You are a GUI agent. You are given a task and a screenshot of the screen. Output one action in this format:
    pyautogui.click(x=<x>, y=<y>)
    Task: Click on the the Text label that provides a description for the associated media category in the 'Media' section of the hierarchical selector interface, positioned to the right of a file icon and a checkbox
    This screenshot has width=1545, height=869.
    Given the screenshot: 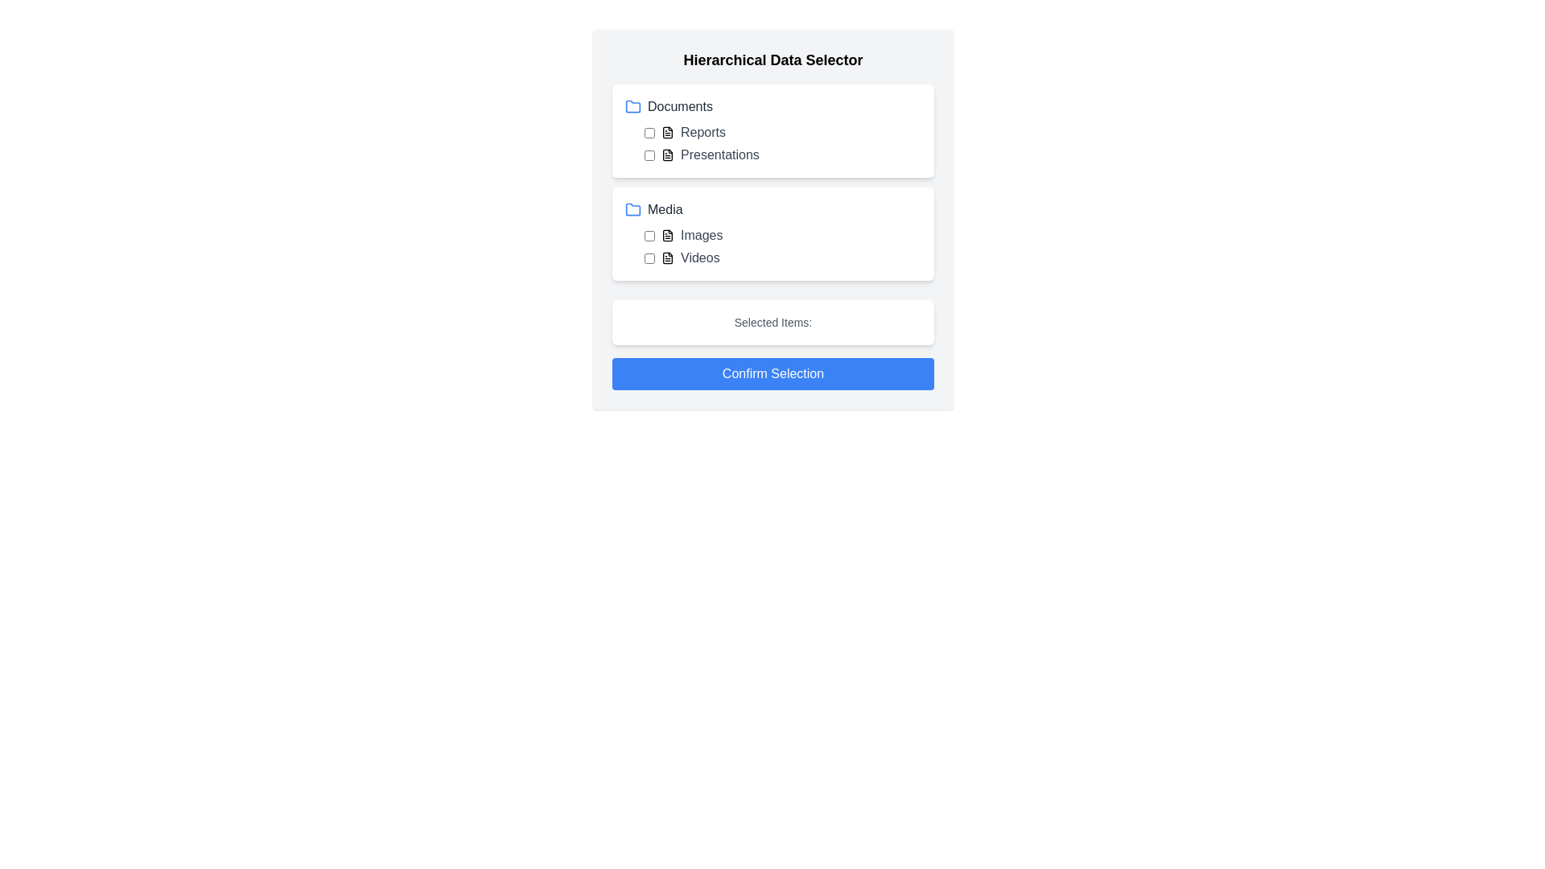 What is the action you would take?
    pyautogui.click(x=702, y=236)
    